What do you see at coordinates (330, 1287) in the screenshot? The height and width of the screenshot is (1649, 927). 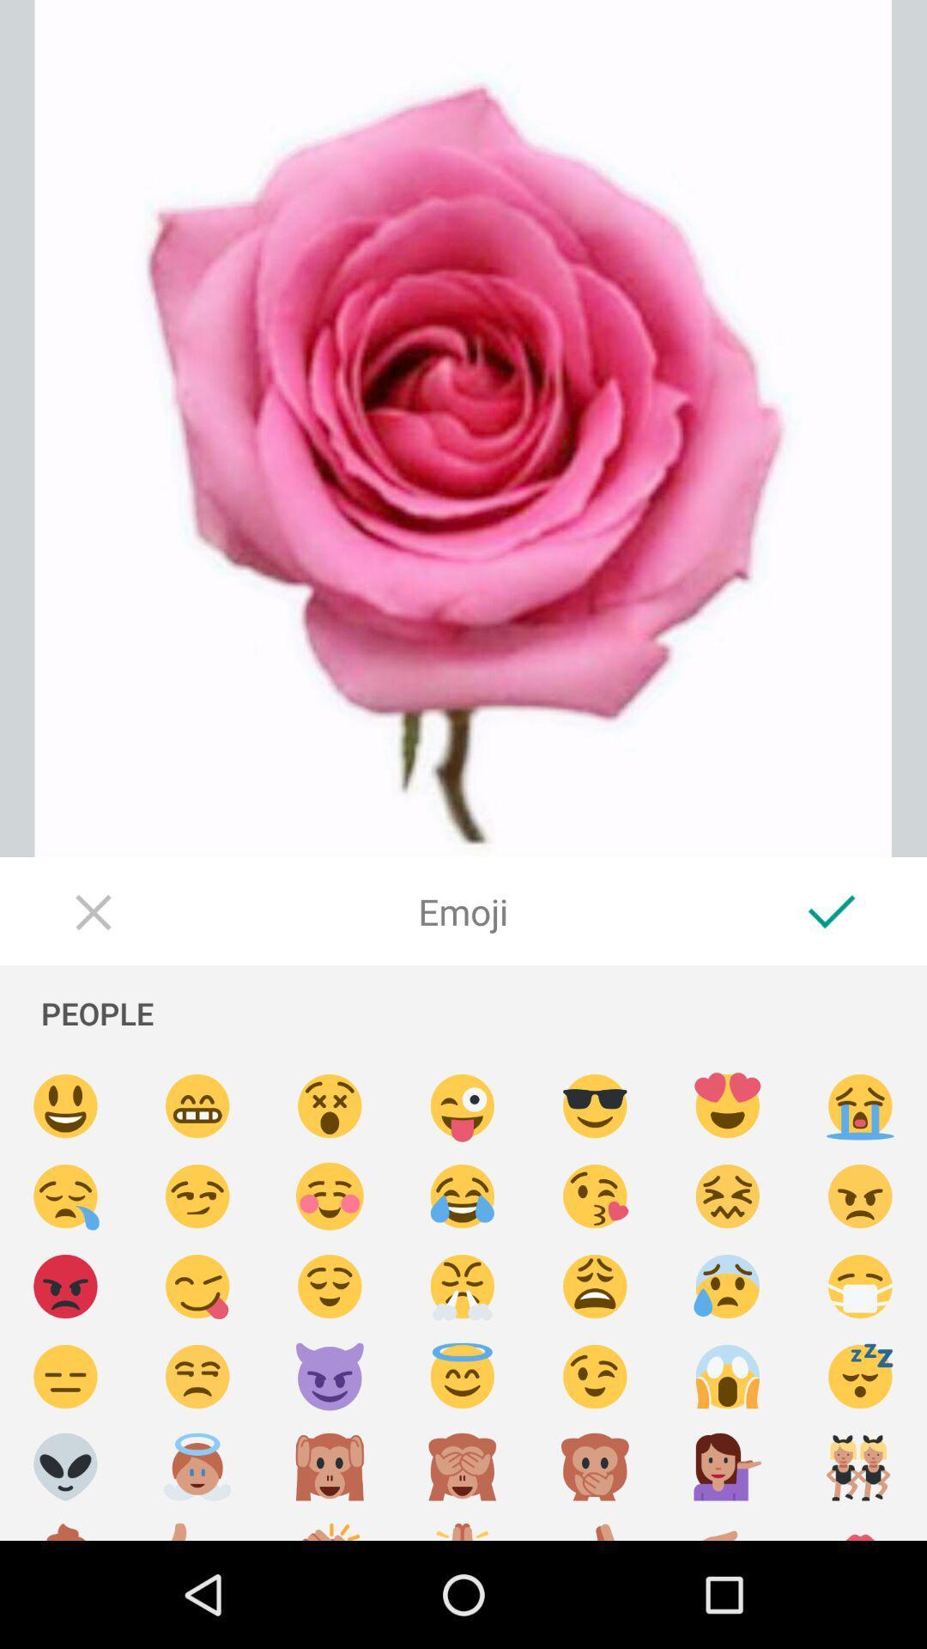 I see `happy emoji` at bounding box center [330, 1287].